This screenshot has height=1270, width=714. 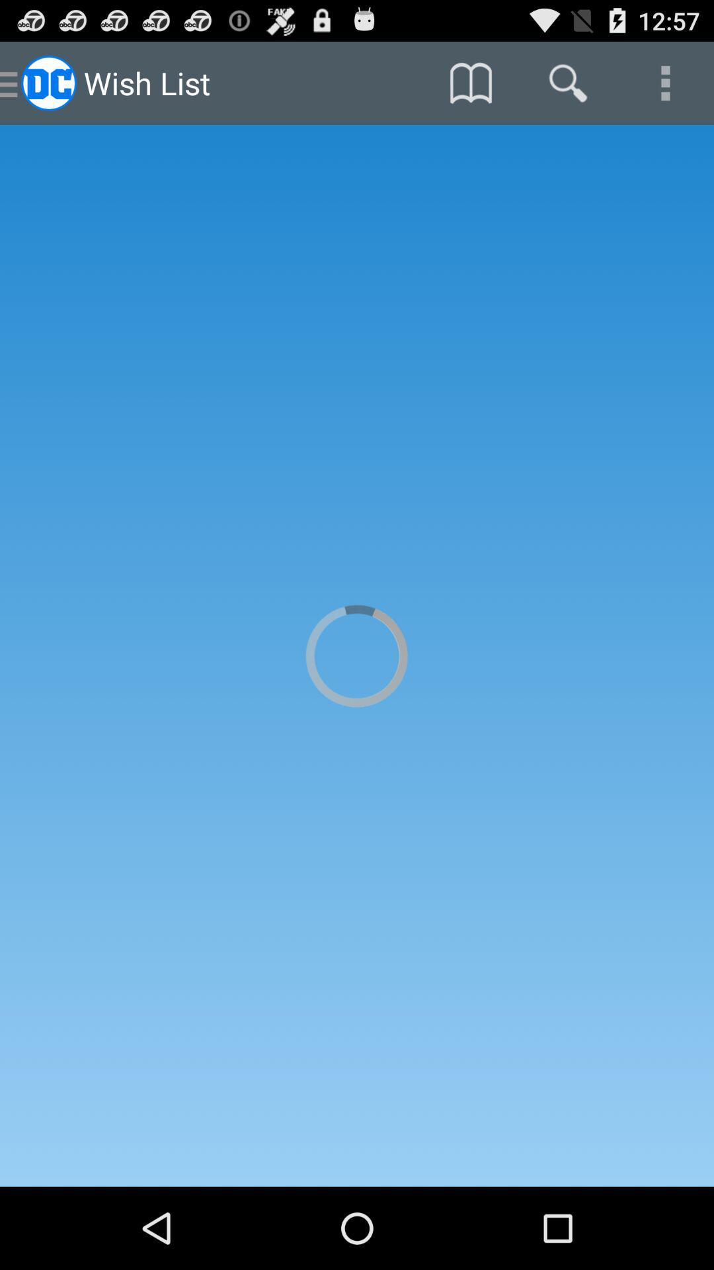 I want to click on the icon above there are no, so click(x=470, y=82).